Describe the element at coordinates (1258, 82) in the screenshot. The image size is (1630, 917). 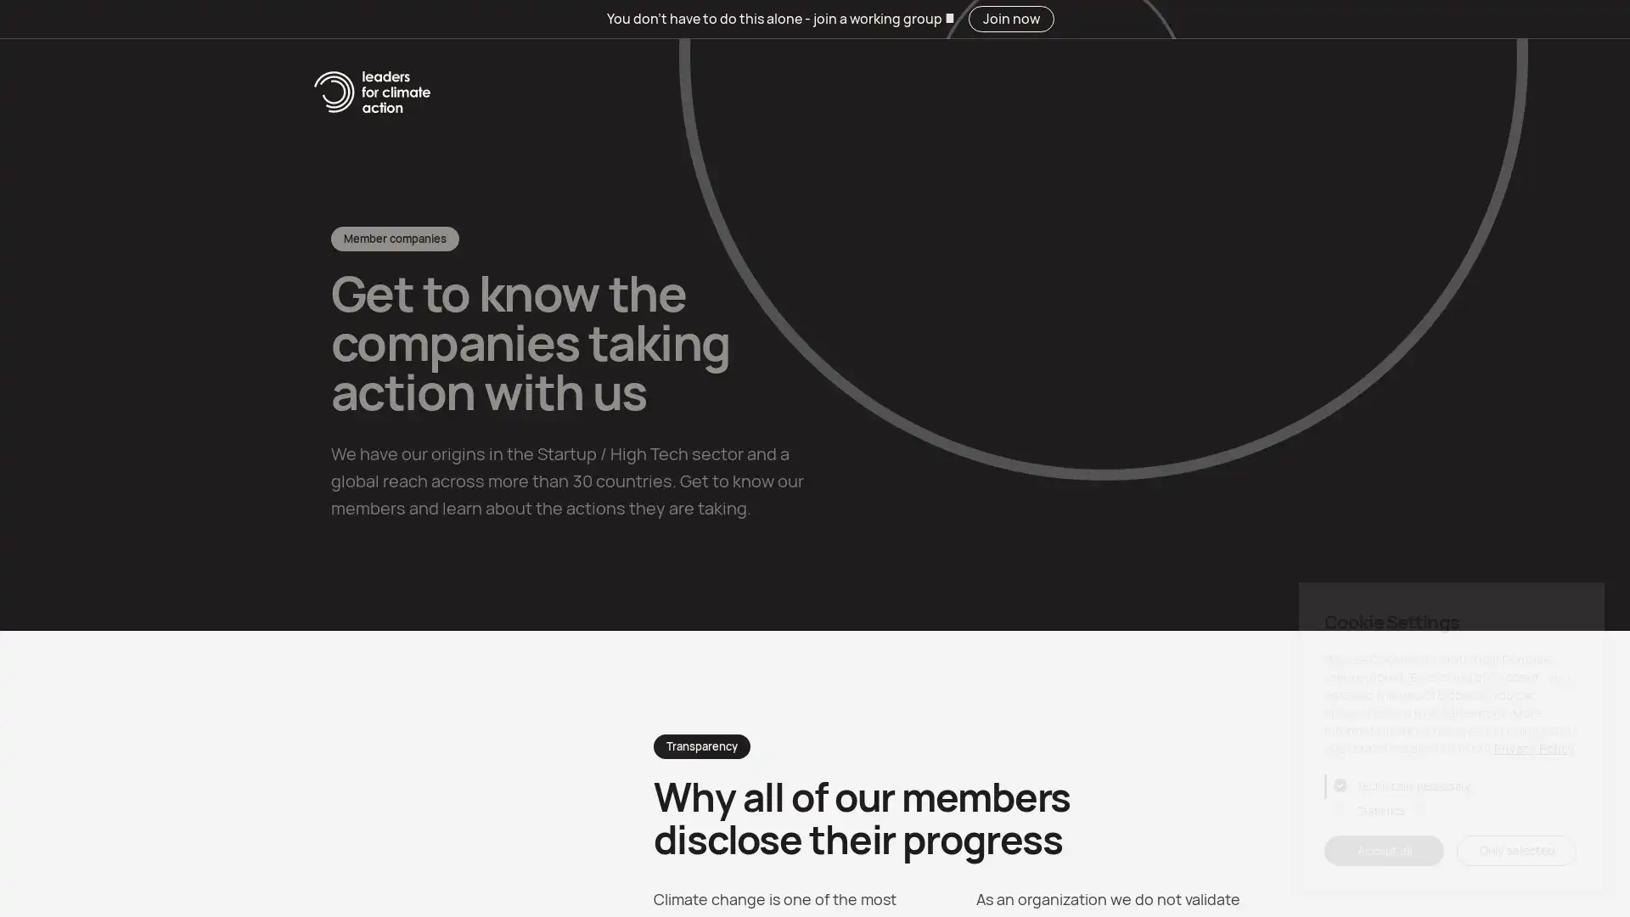
I see `Join now` at that location.